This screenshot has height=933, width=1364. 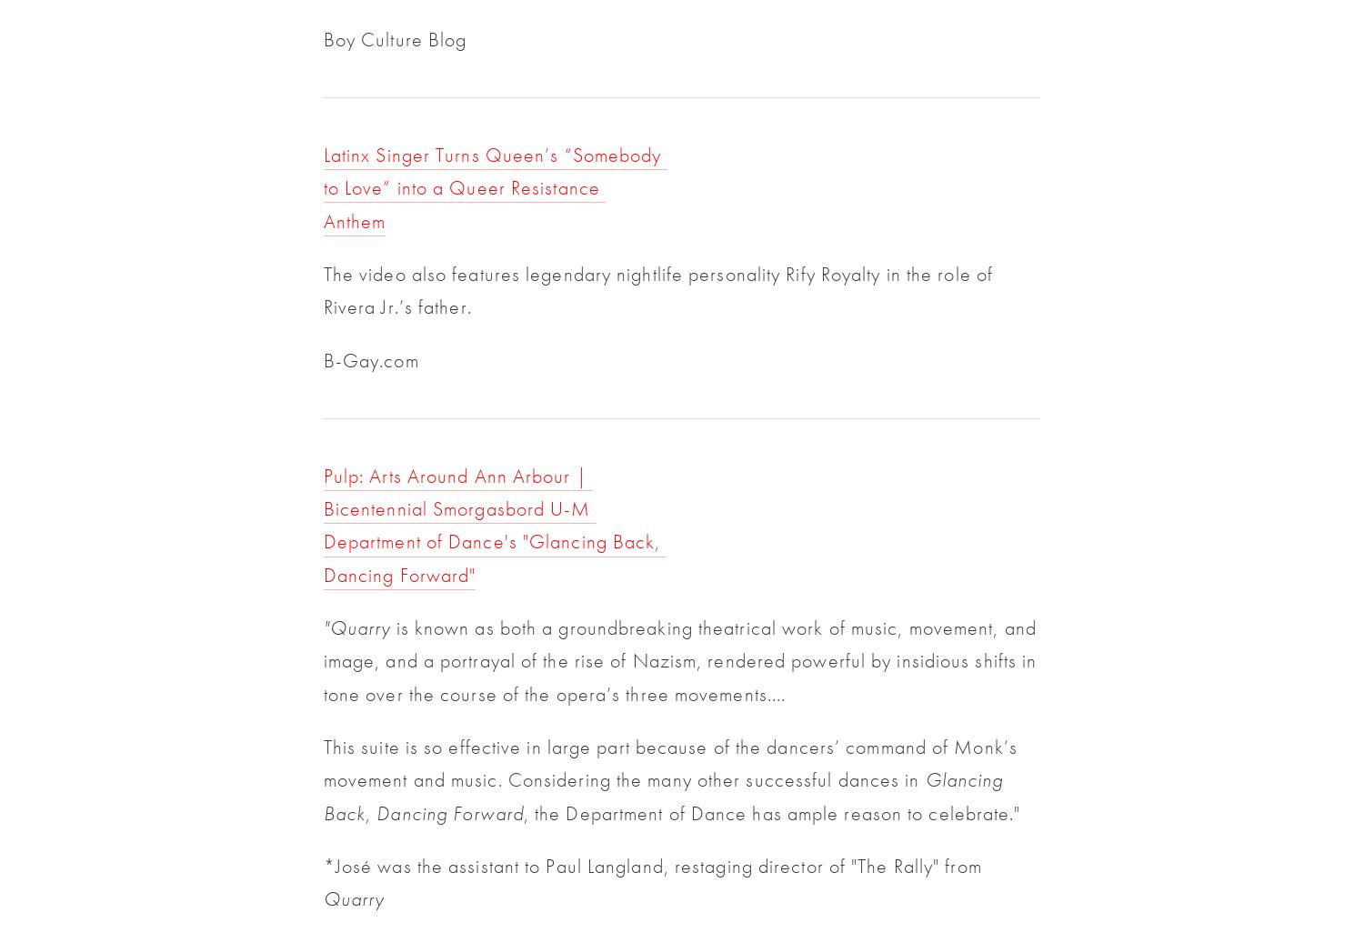 I want to click on 'Quarry', so click(x=353, y=898).